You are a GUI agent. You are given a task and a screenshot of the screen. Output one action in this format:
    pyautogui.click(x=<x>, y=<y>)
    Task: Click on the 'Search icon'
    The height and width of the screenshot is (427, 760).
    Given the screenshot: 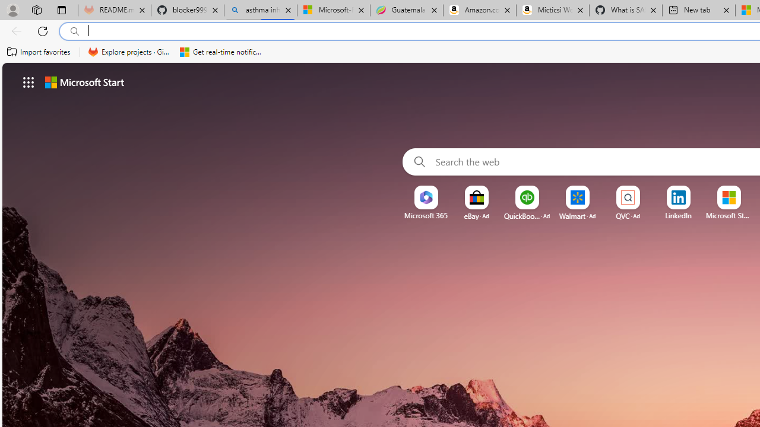 What is the action you would take?
    pyautogui.click(x=74, y=31)
    